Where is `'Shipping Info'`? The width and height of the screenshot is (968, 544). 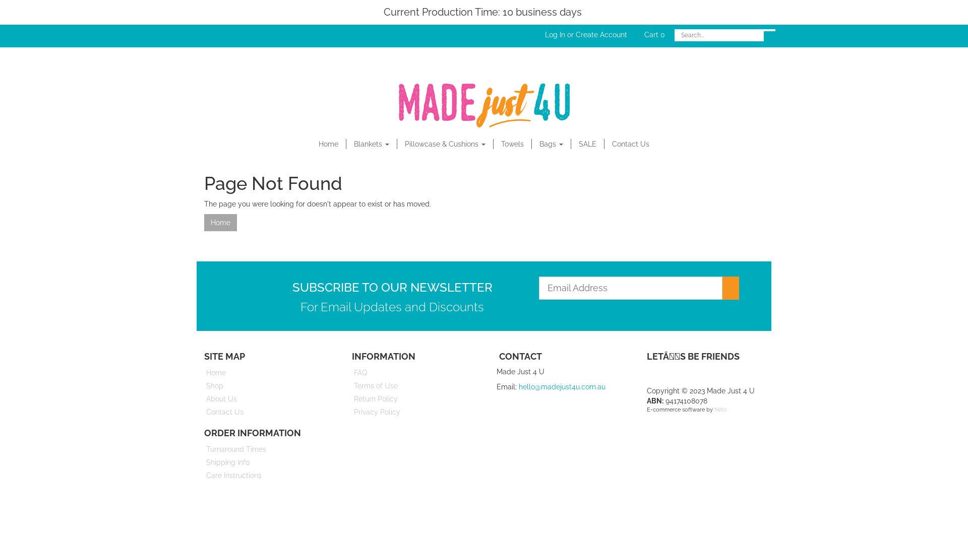 'Shipping Info' is located at coordinates (266, 462).